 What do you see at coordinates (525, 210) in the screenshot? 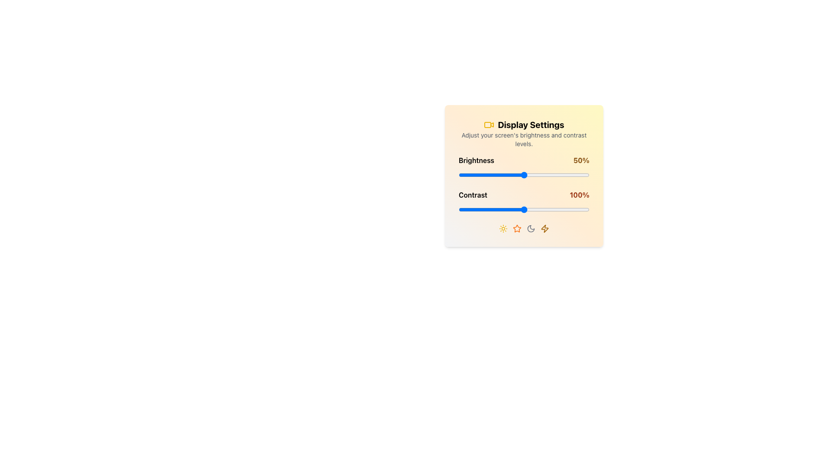
I see `contrast` at bounding box center [525, 210].